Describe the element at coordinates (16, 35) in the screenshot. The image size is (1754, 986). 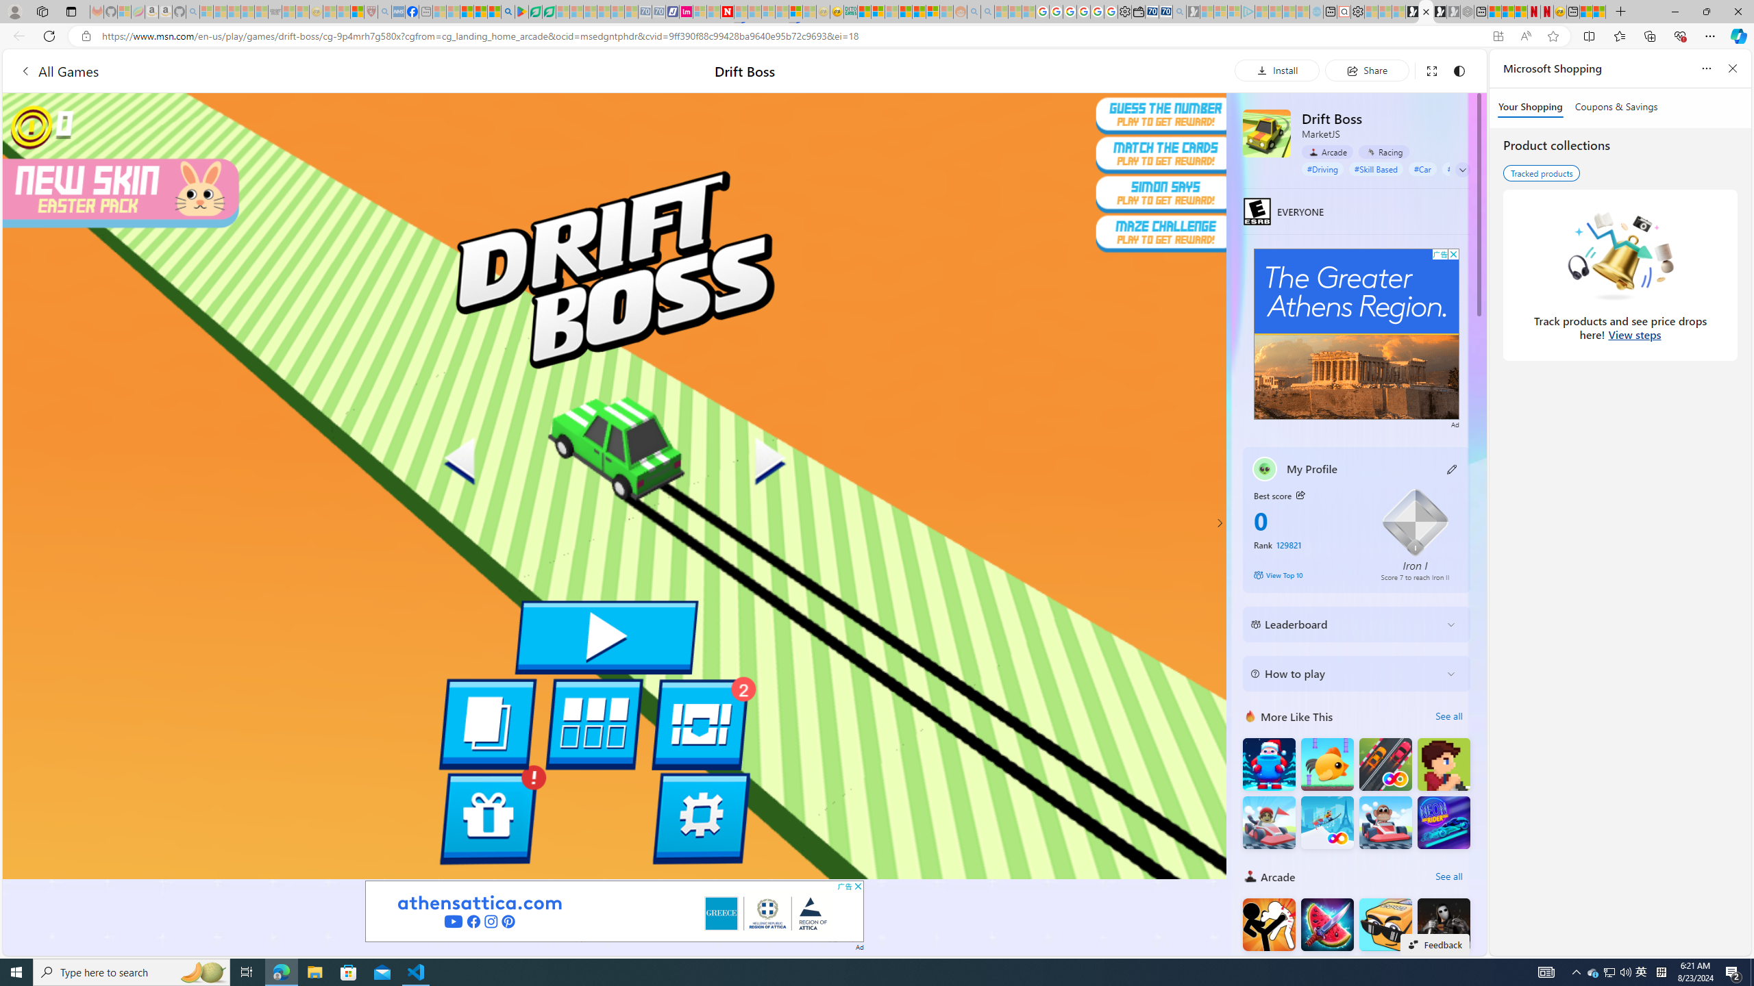
I see `'Back'` at that location.